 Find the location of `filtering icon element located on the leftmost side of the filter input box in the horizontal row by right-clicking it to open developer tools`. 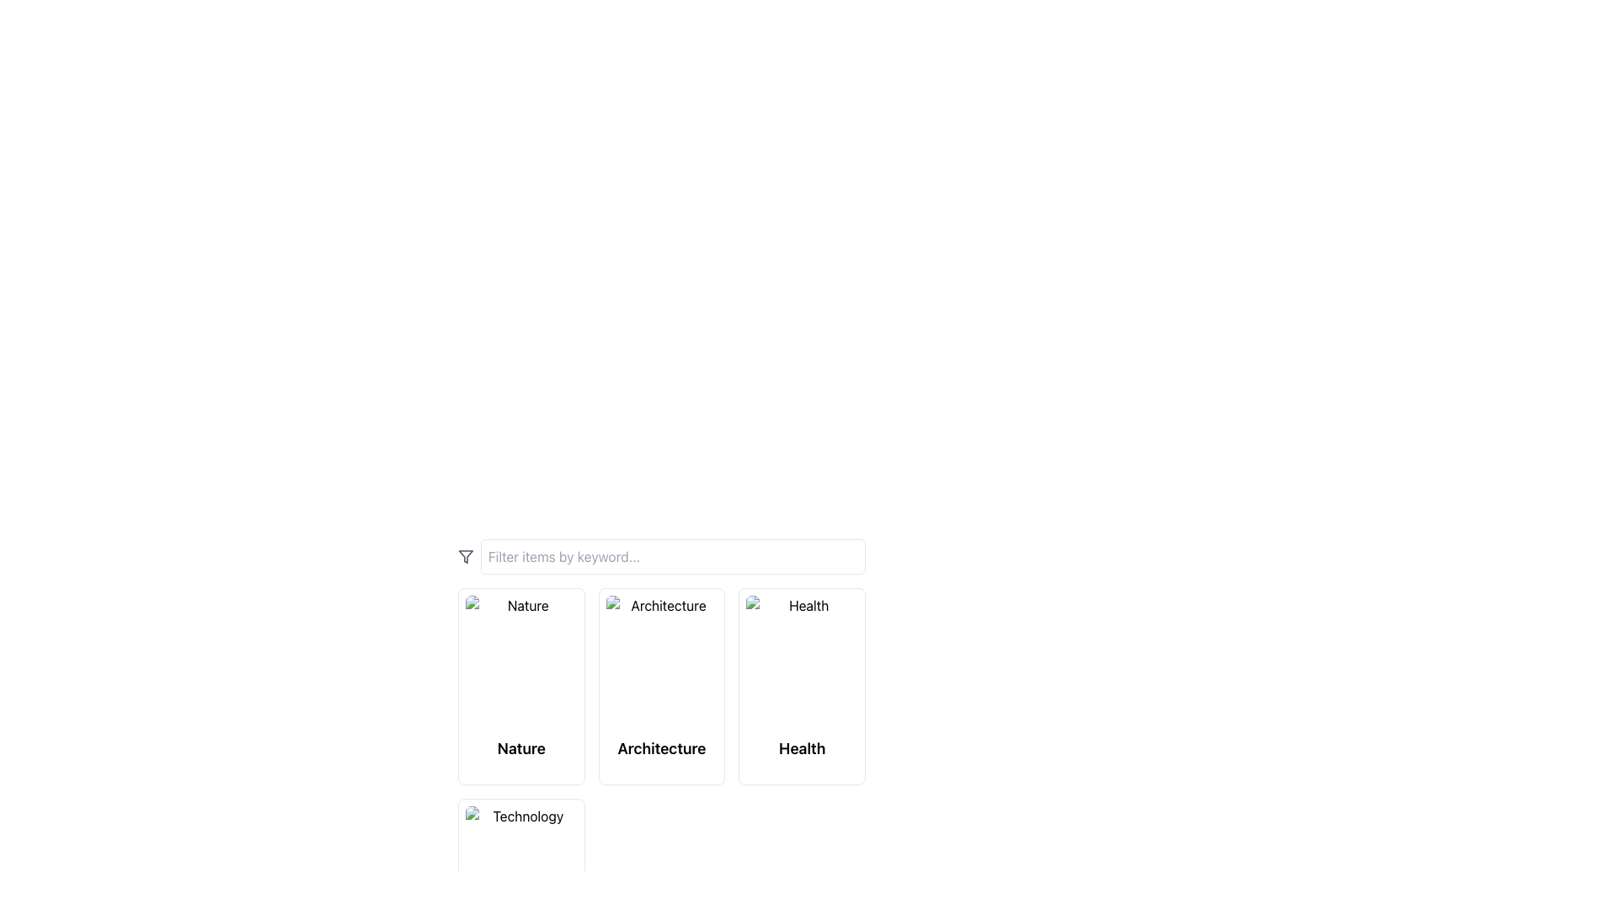

filtering icon element located on the leftmost side of the filter input box in the horizontal row by right-clicking it to open developer tools is located at coordinates (466, 556).